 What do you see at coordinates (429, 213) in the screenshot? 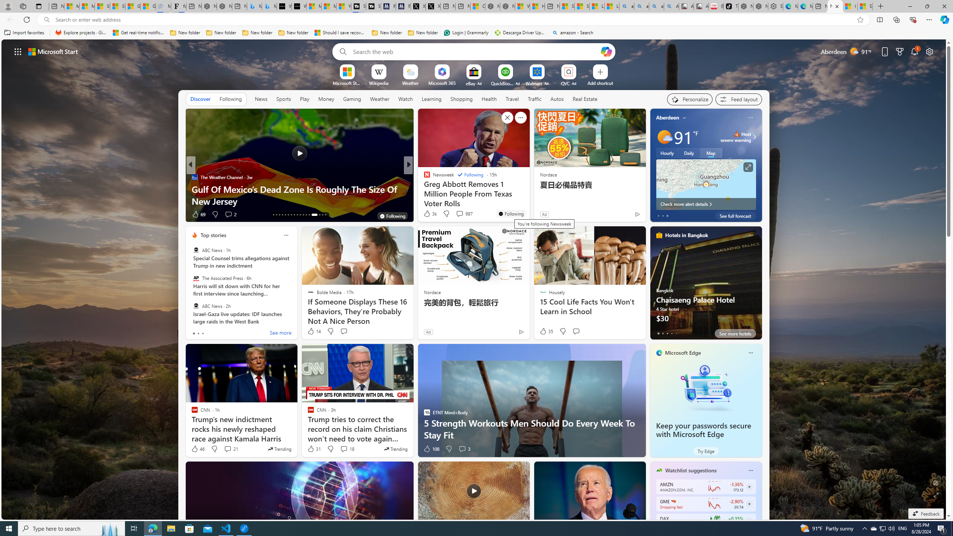
I see `'3k Like'` at bounding box center [429, 213].